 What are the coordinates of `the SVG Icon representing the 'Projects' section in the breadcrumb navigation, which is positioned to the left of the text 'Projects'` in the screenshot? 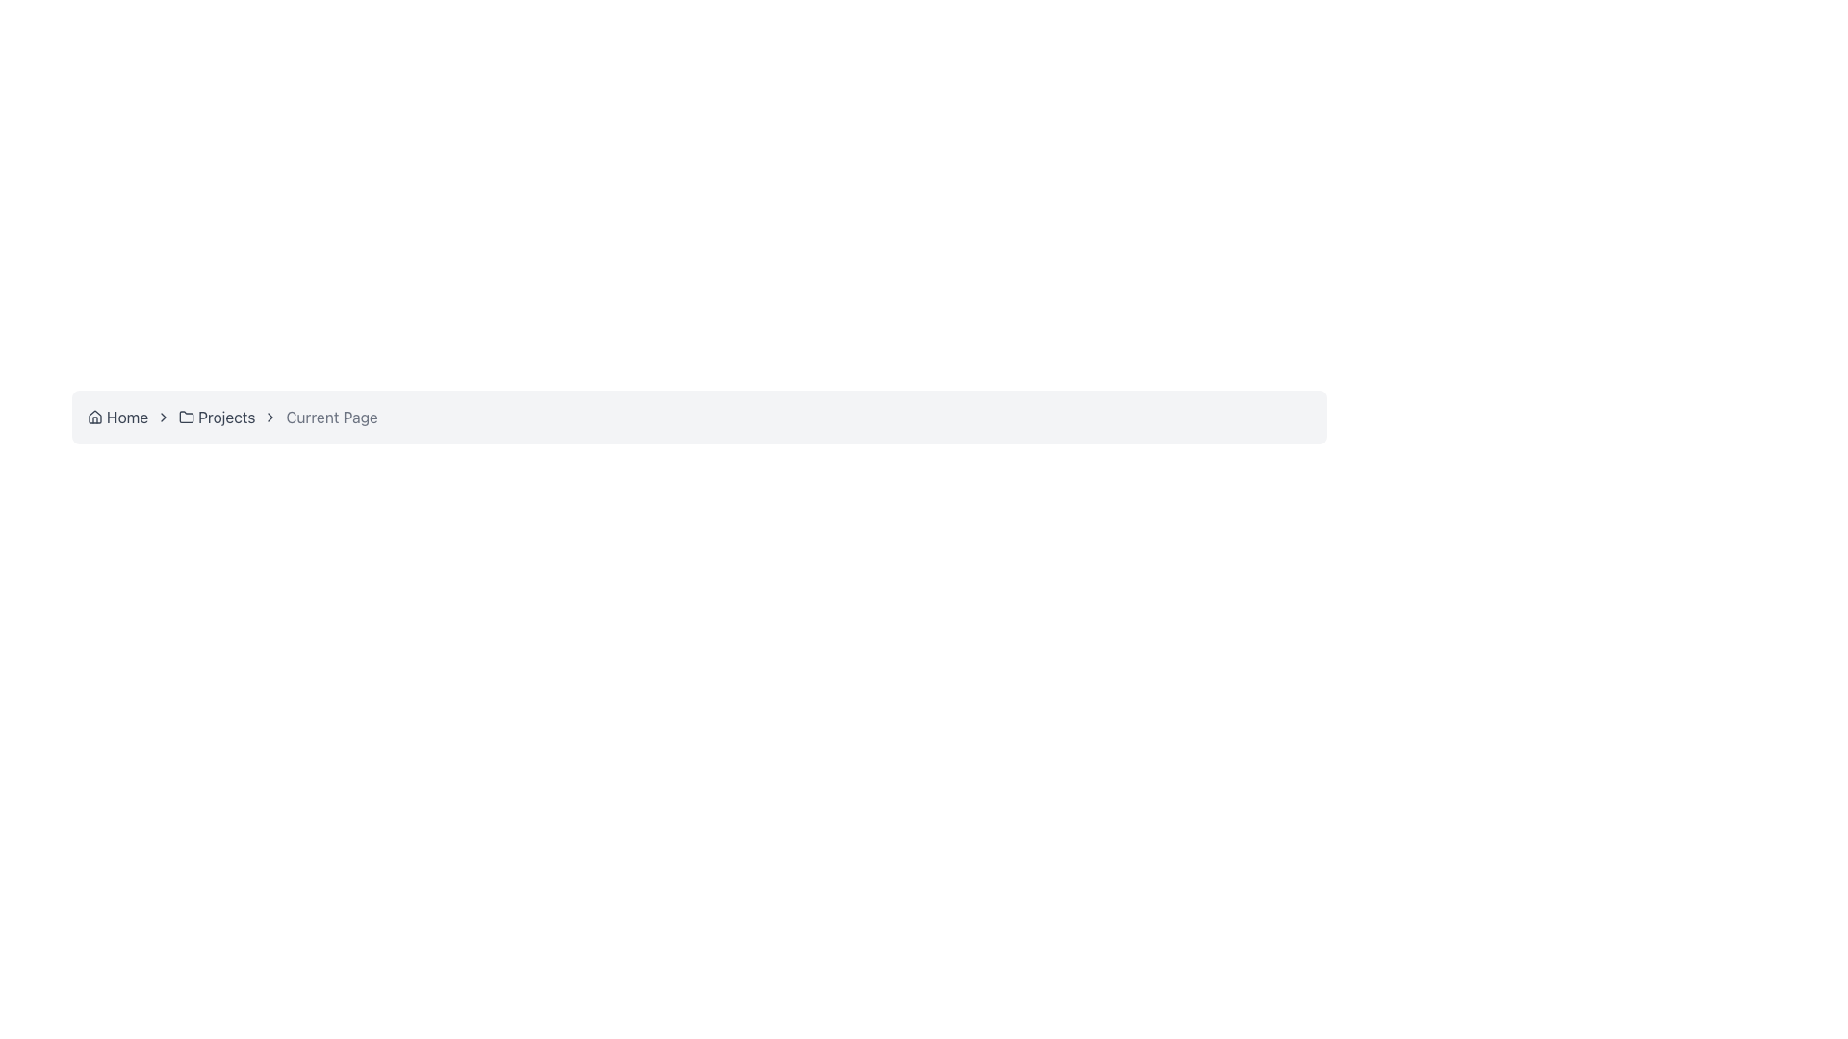 It's located at (187, 417).